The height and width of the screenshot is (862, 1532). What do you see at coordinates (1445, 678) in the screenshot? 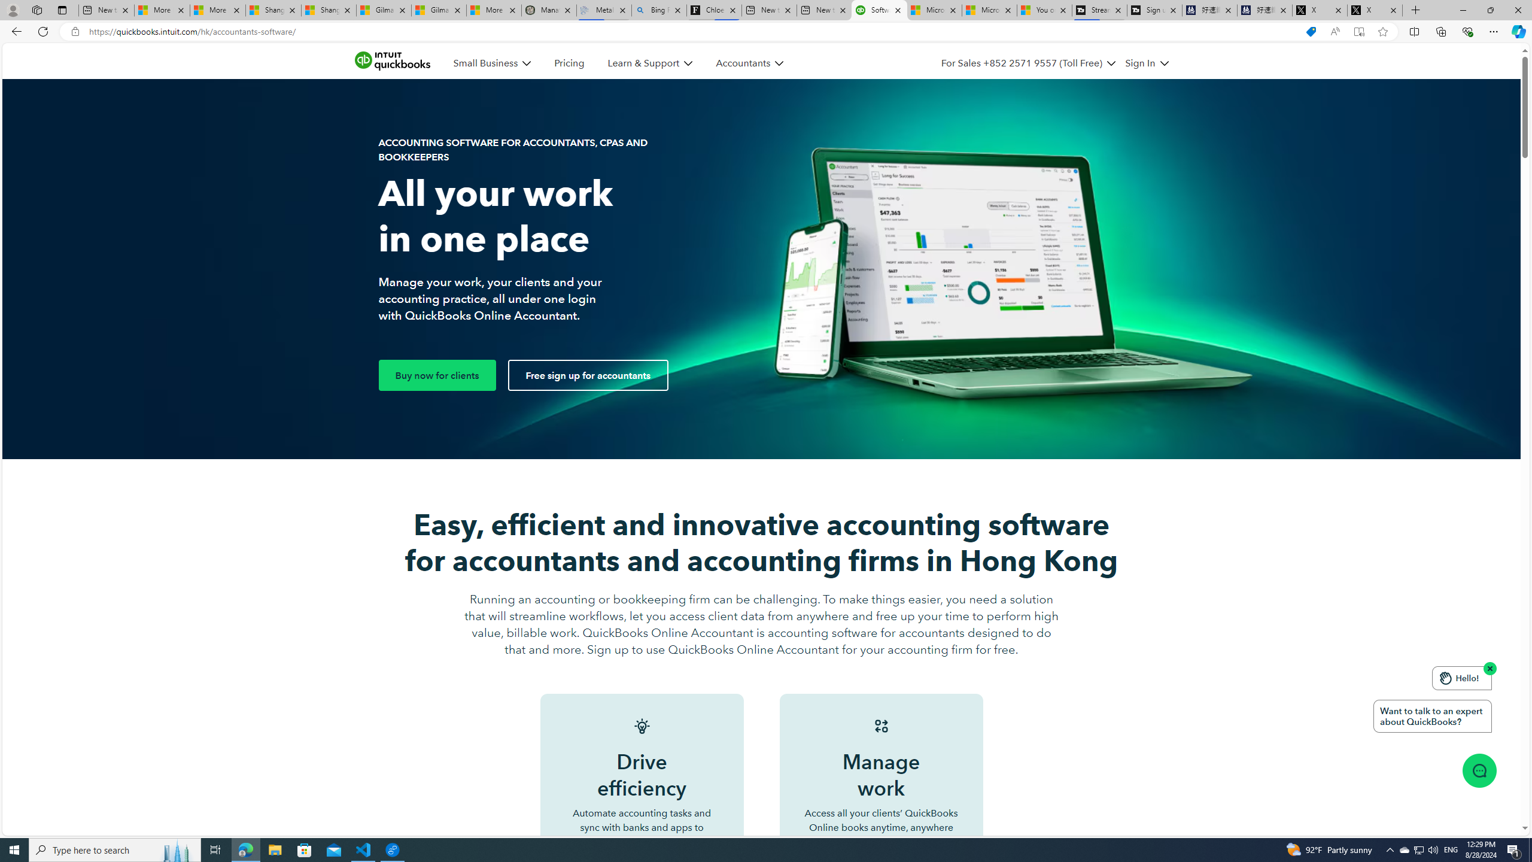
I see `'hand-icon'` at bounding box center [1445, 678].